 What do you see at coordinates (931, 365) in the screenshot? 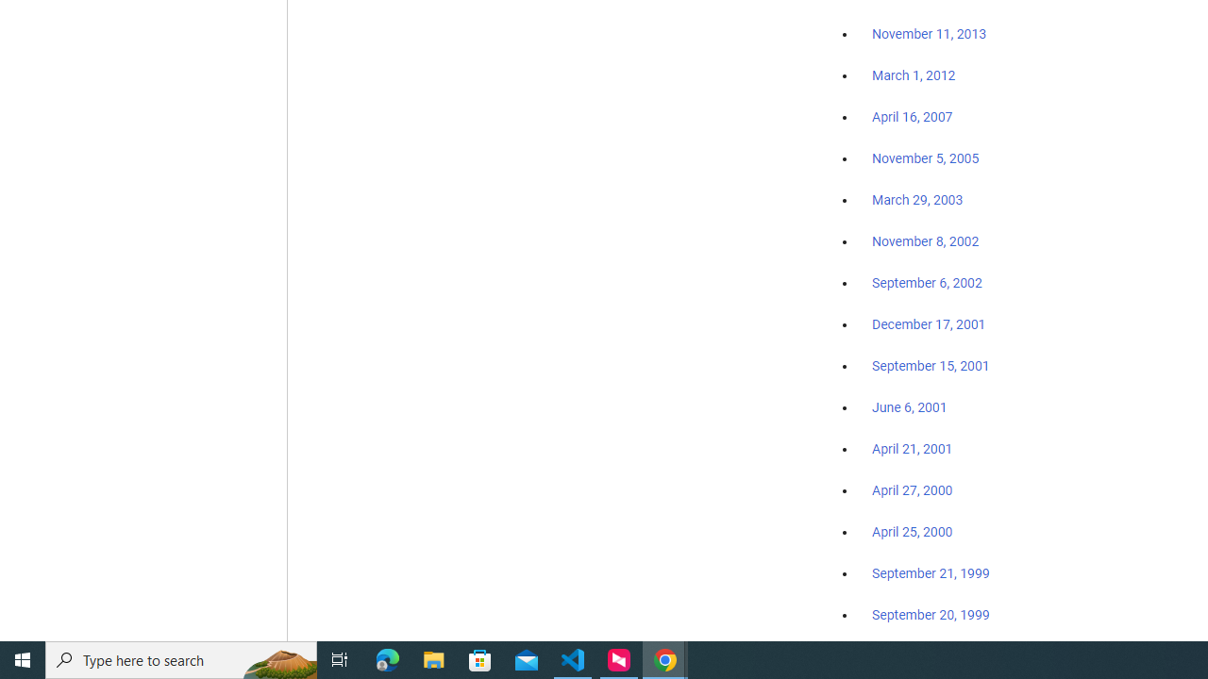
I see `'September 15, 2001'` at bounding box center [931, 365].